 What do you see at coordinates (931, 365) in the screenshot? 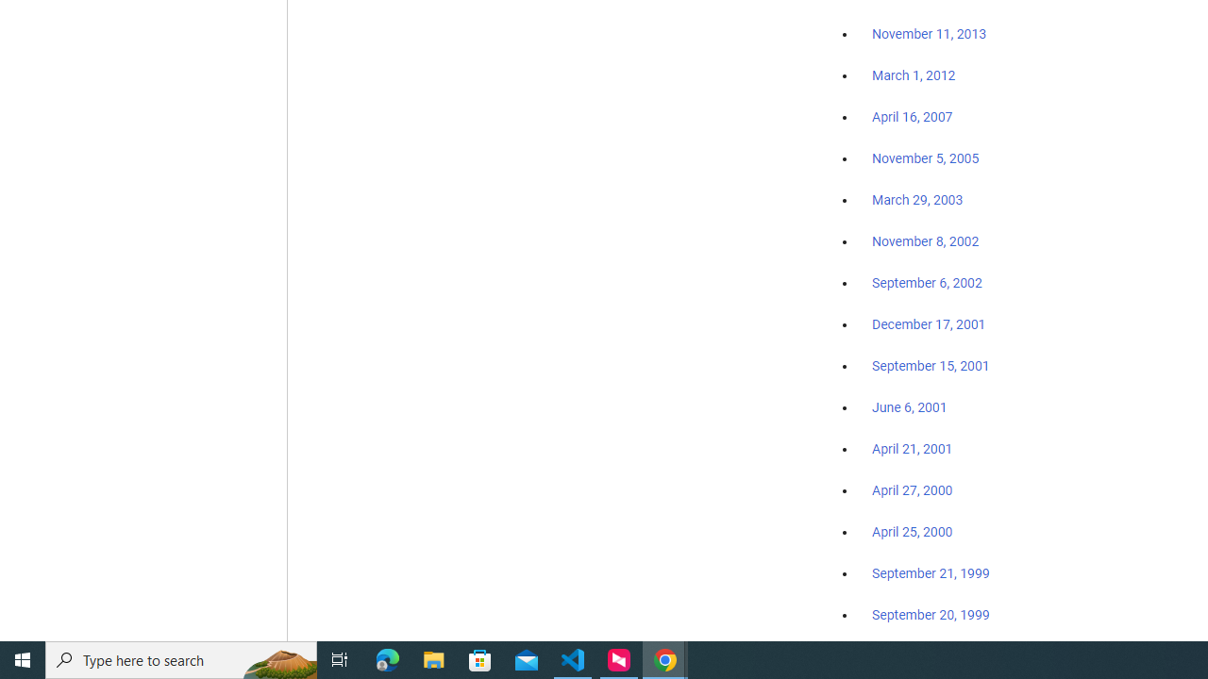
I see `'September 15, 2001'` at bounding box center [931, 365].